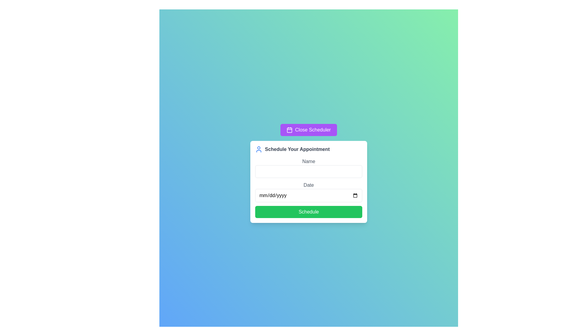 The width and height of the screenshot is (584, 328). I want to click on the close button located at the top center of the scheduler interface, so click(308, 130).